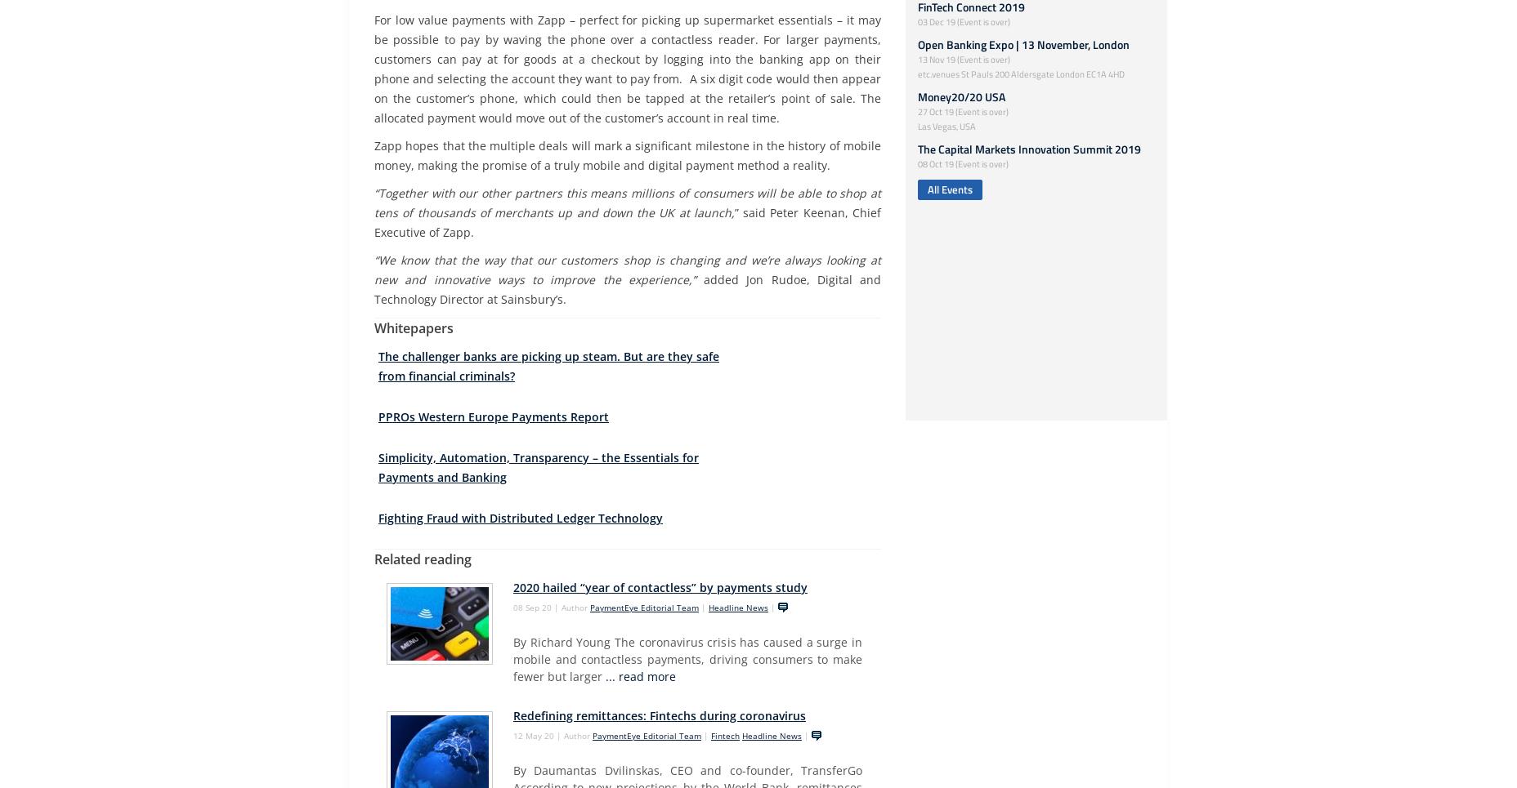 This screenshot has width=1517, height=788. I want to click on '13 Nov 19 (Event is over)', so click(963, 59).